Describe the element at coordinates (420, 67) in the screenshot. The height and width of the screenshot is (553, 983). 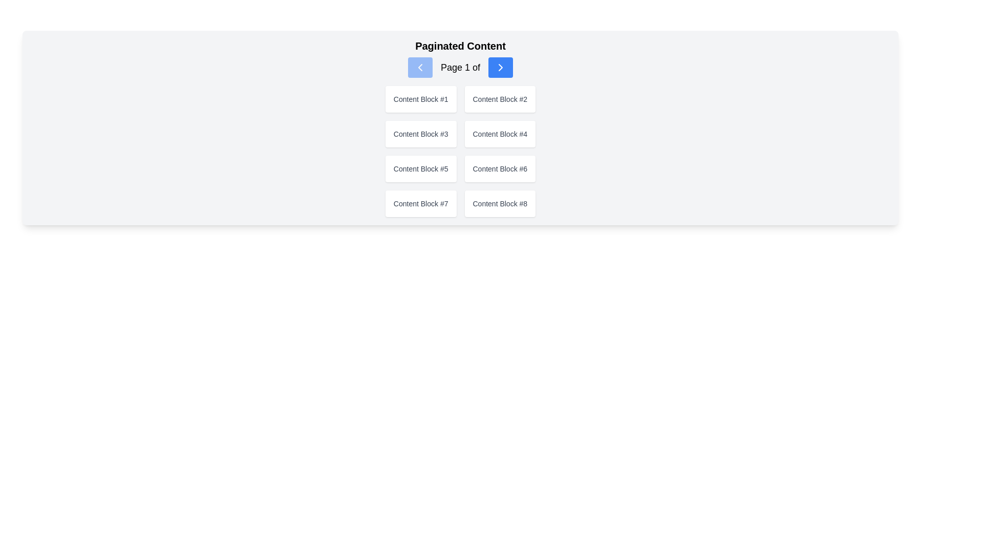
I see `the previous page button located at the leftmost position of the pagination component` at that location.